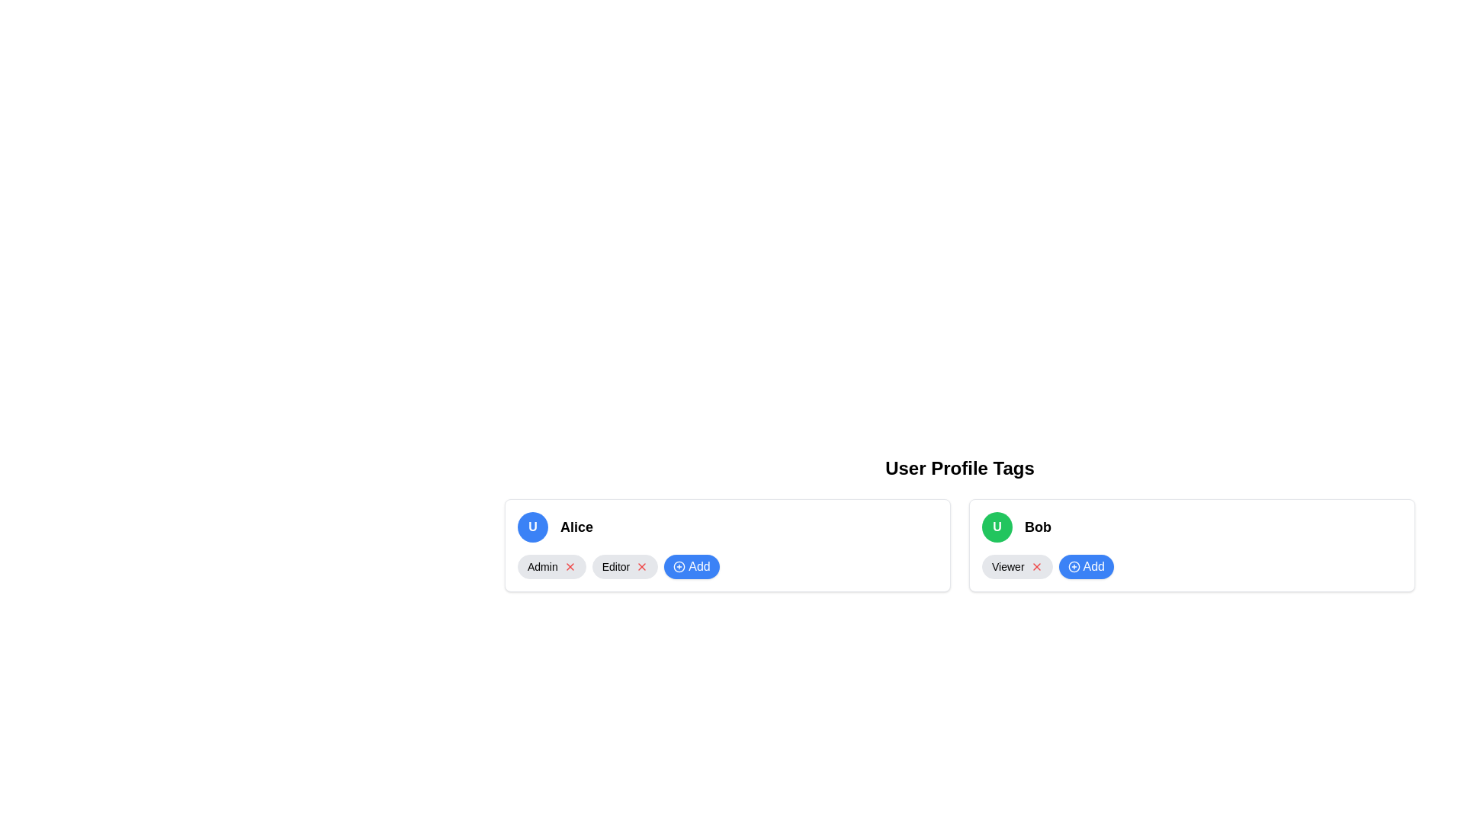 This screenshot has width=1464, height=823. Describe the element at coordinates (1191, 526) in the screenshot. I see `the User Profile Tag, which consists of a green circular badge with the letter 'U' and the name 'Bob' in bold, positioned in the center-right of the interface` at that location.